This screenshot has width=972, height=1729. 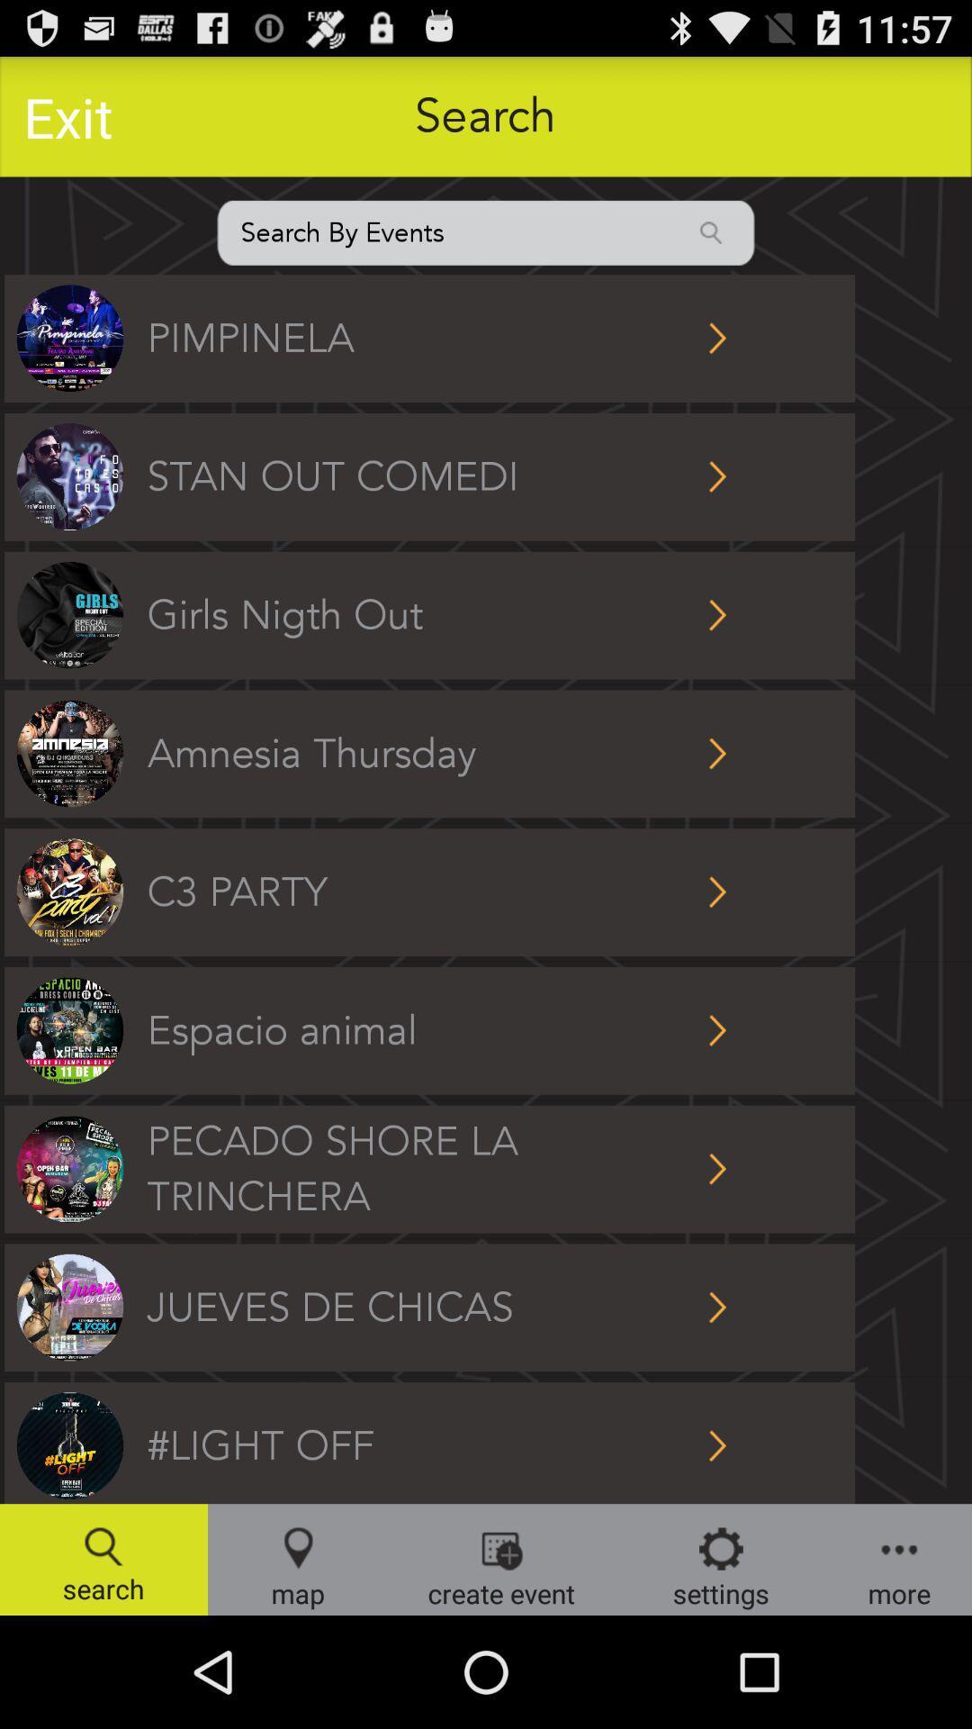 I want to click on search, so click(x=486, y=231).